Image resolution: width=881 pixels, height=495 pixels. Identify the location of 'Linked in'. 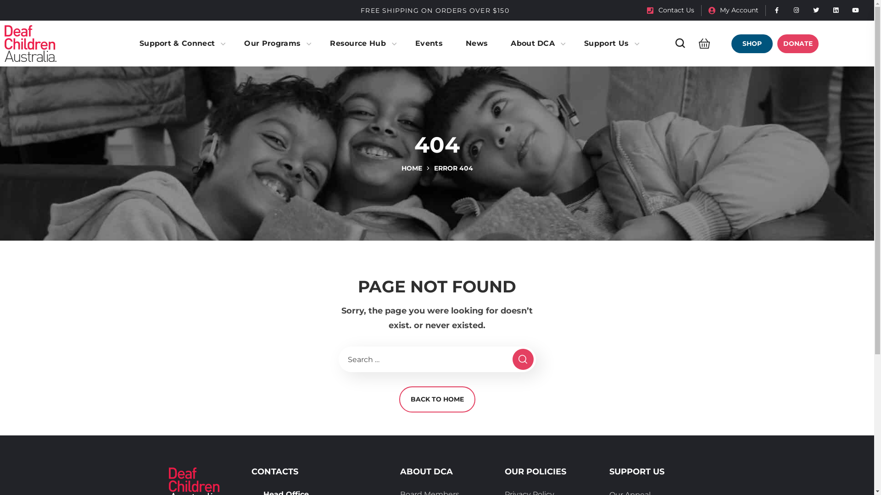
(836, 11).